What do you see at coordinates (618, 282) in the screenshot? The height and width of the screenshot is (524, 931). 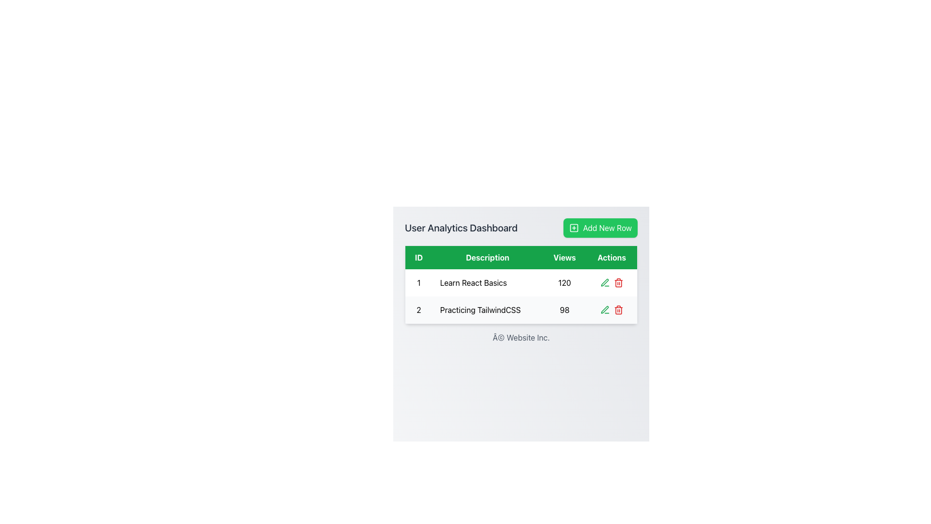 I see `the red trashcan icon used for deletion, which is positioned to the right of the green edit icon in the 'Actions' column of the second table row` at bounding box center [618, 282].